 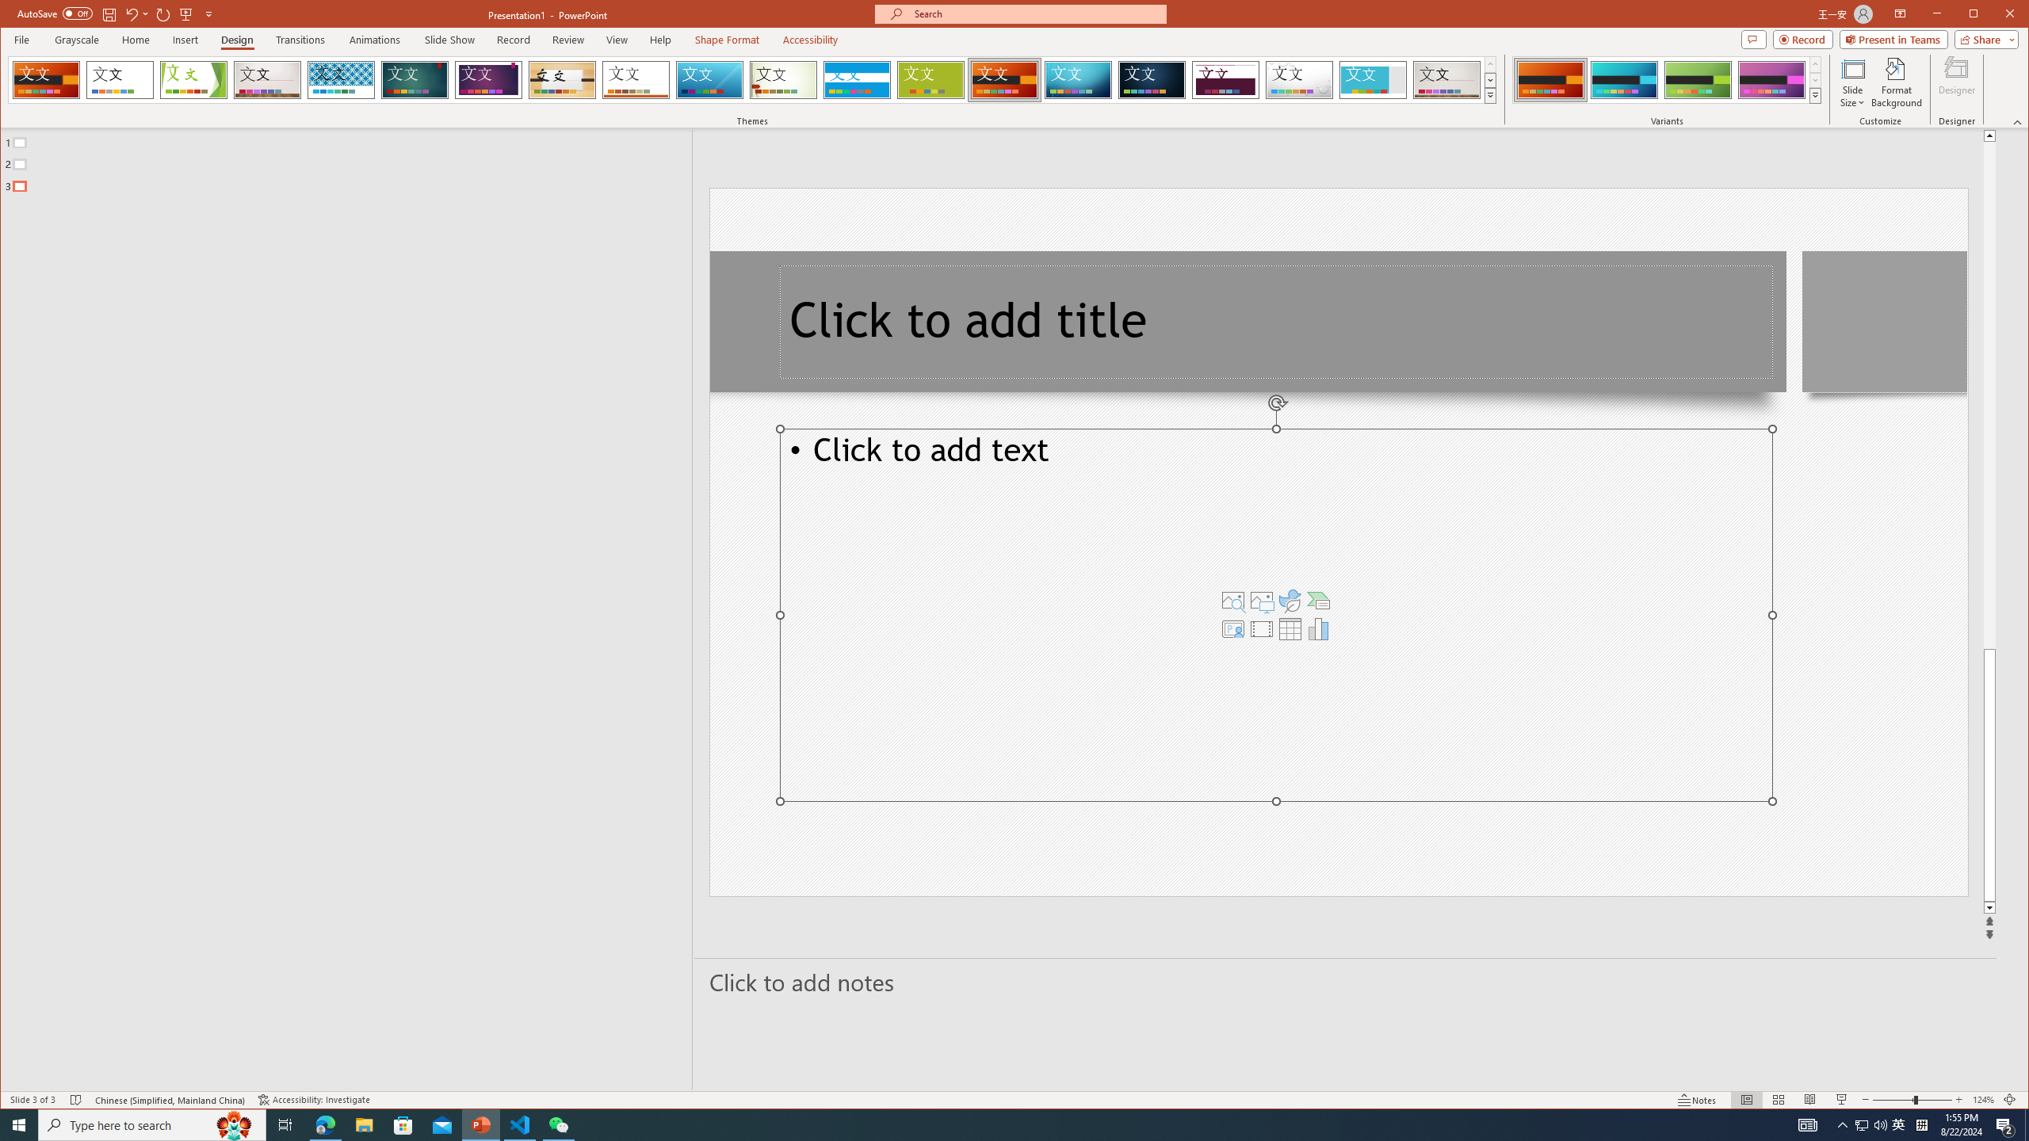 What do you see at coordinates (1624, 79) in the screenshot?
I see `'Berlin Variant 2'` at bounding box center [1624, 79].